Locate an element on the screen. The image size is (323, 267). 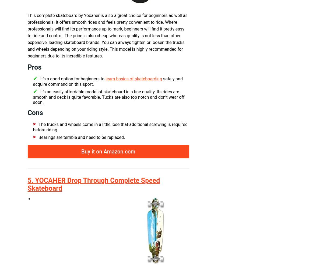
'safely and acquire command on this sport.' is located at coordinates (107, 81).